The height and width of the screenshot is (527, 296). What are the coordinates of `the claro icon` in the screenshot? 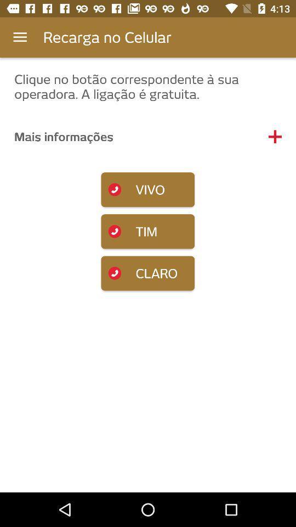 It's located at (147, 272).